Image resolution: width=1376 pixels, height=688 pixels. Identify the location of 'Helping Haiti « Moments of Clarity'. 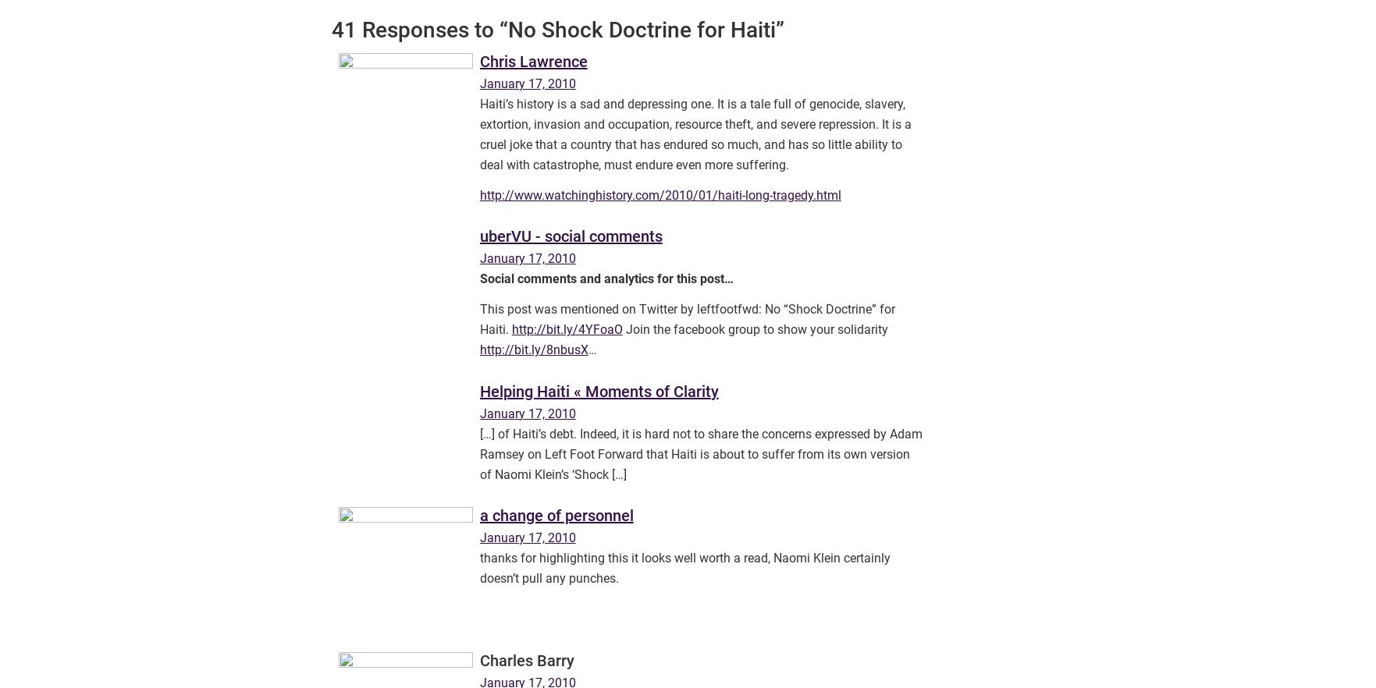
(599, 389).